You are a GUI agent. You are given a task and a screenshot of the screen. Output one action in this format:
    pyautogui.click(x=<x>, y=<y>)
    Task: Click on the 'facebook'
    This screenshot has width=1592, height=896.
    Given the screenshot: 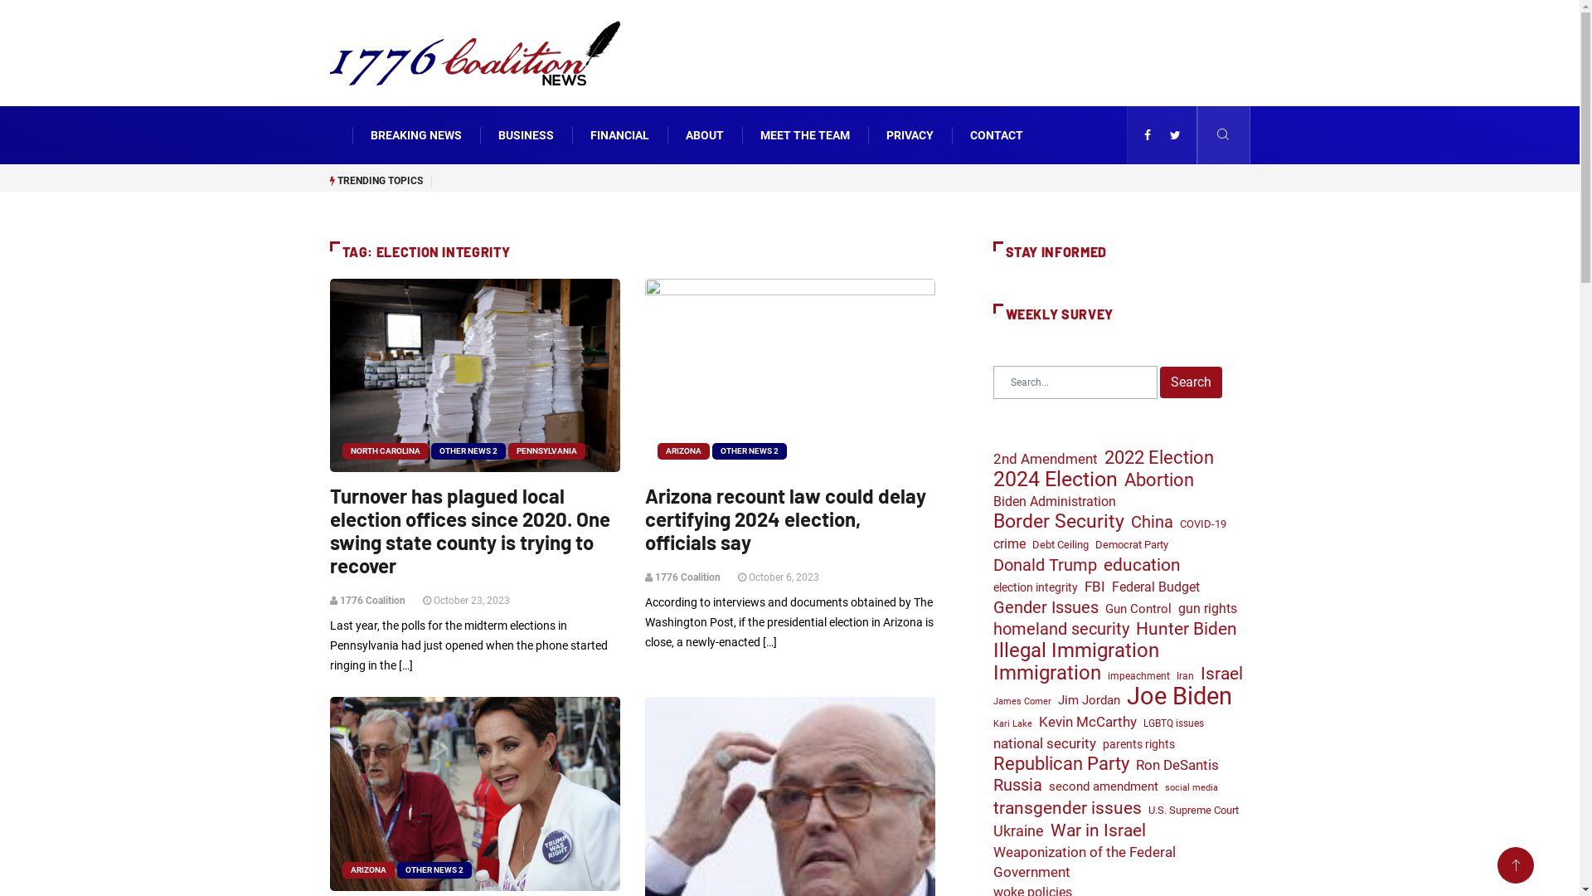 What is the action you would take?
    pyautogui.click(x=1146, y=134)
    